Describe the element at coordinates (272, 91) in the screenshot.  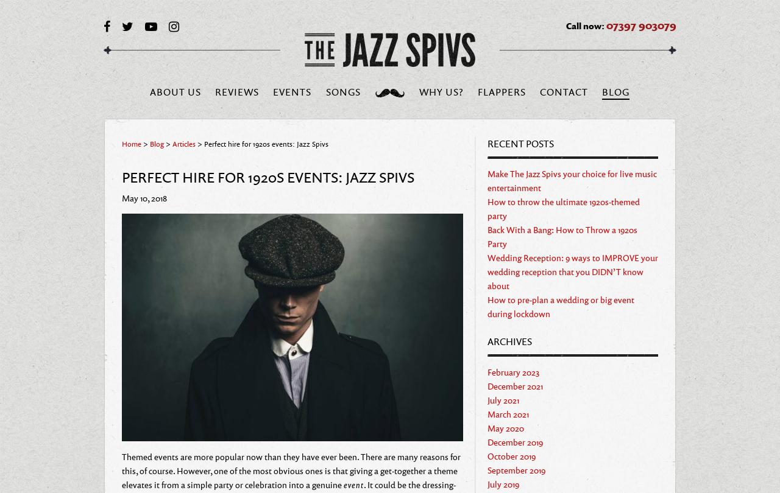
I see `'Events'` at that location.